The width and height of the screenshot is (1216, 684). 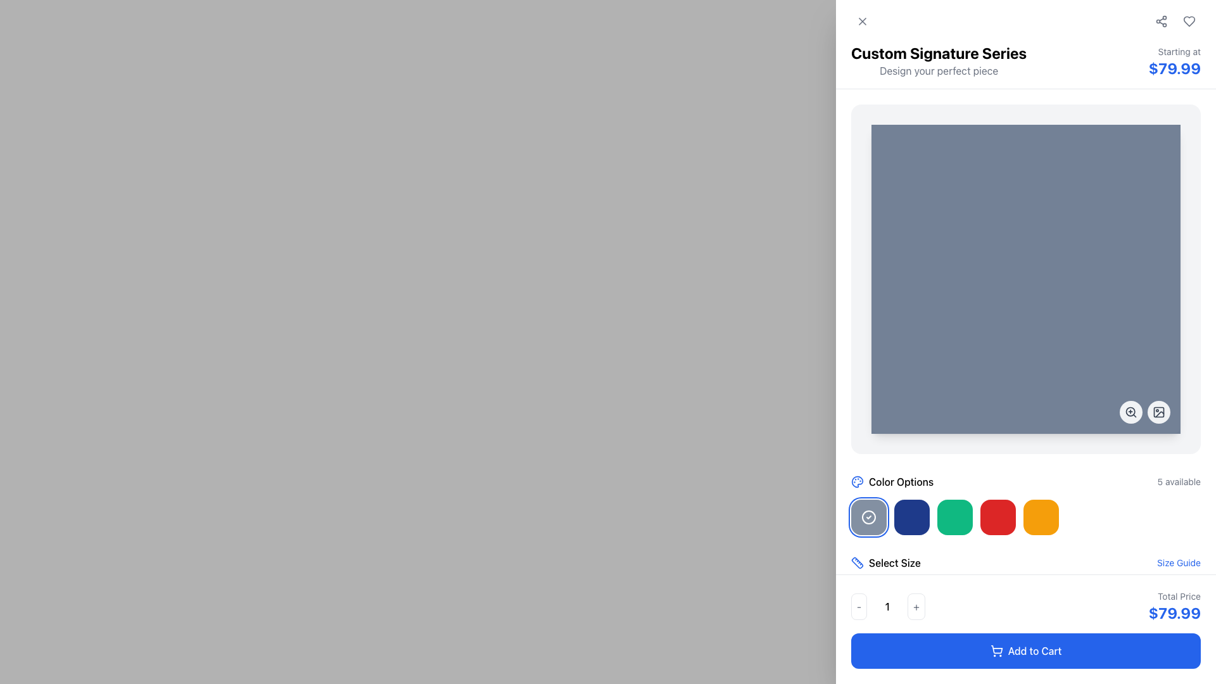 I want to click on the 'Color Options' icon, which is the first item on the left in the row below the product image and above the 'Select Size' section, so click(x=857, y=481).